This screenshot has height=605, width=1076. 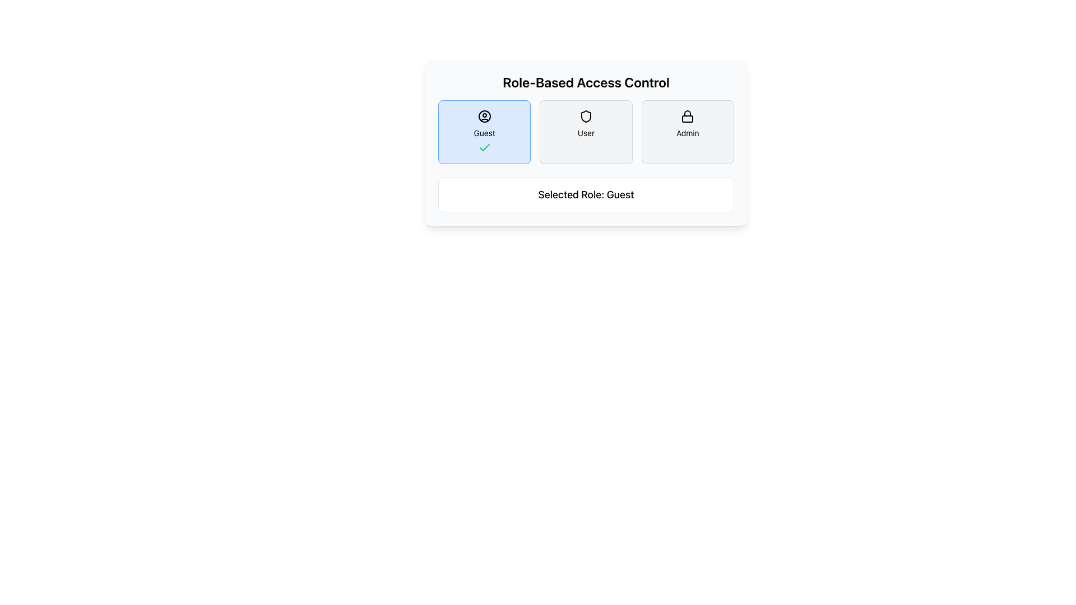 I want to click on text displayed in bold style that says 'Selected Role: Guest', located below the role selection options in the interface, so click(x=586, y=194).